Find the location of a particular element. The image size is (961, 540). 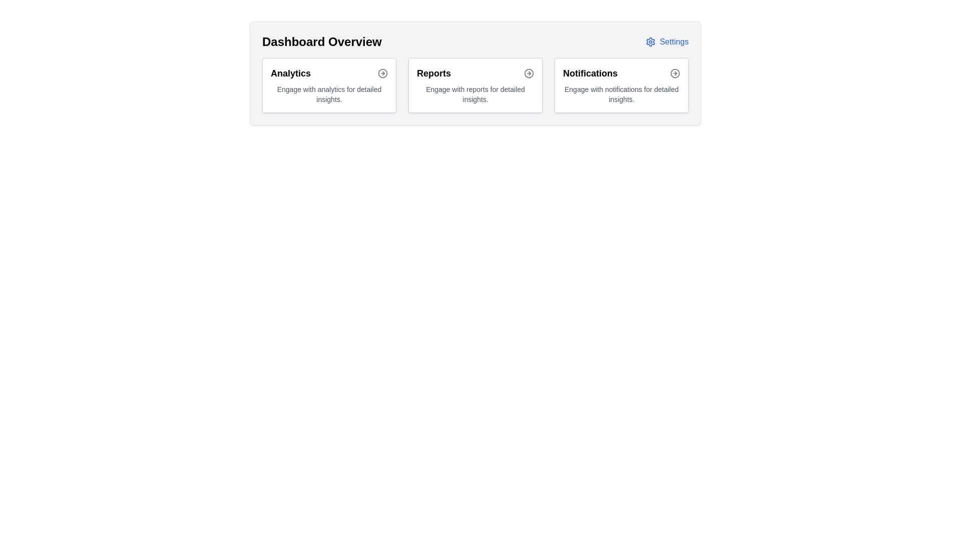

the first interactive card labeled 'Analytics' is located at coordinates (329, 84).